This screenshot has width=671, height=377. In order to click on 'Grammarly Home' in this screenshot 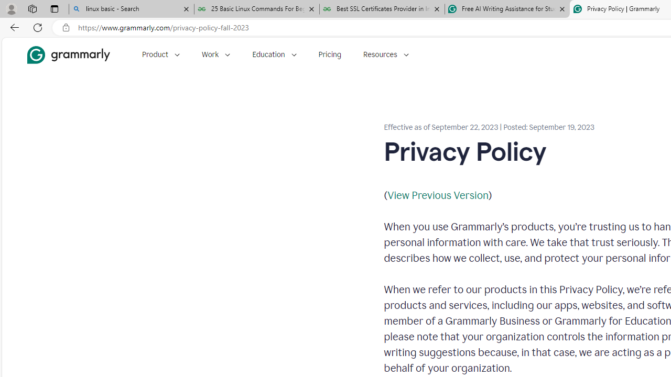, I will do `click(68, 54)`.